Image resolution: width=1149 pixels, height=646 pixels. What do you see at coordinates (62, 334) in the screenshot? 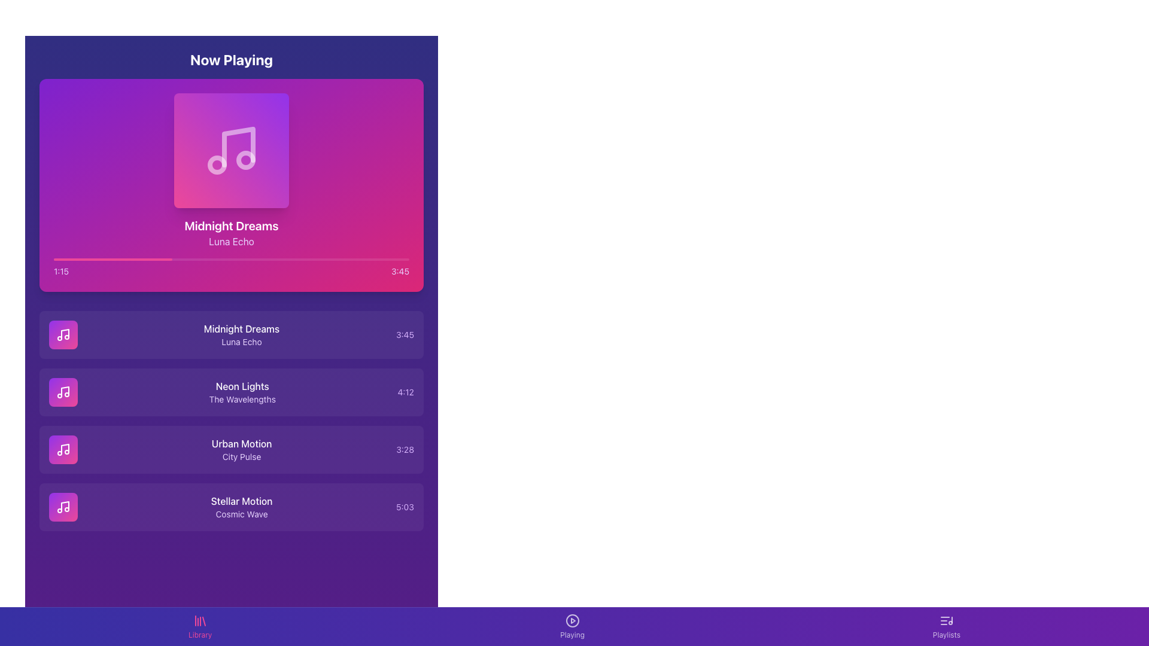
I see `the square music note icon with a purple to pink gradient background` at bounding box center [62, 334].